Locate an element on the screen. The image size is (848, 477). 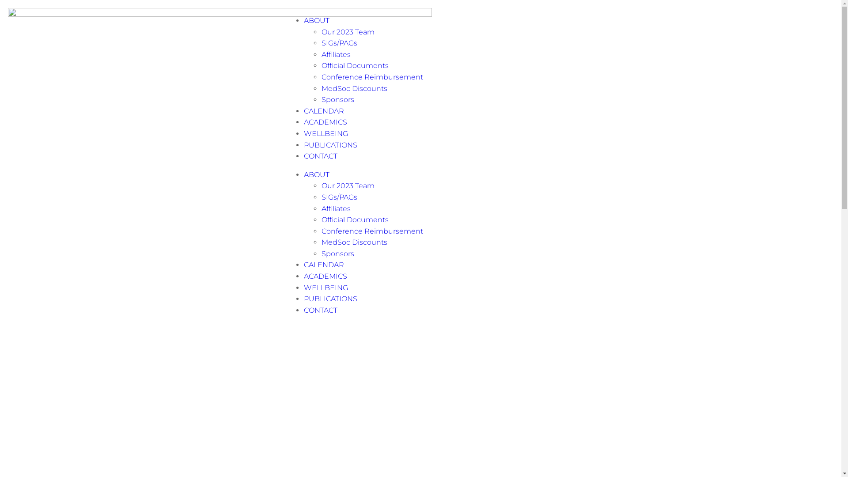
'Conference Reimbursement' is located at coordinates (372, 231).